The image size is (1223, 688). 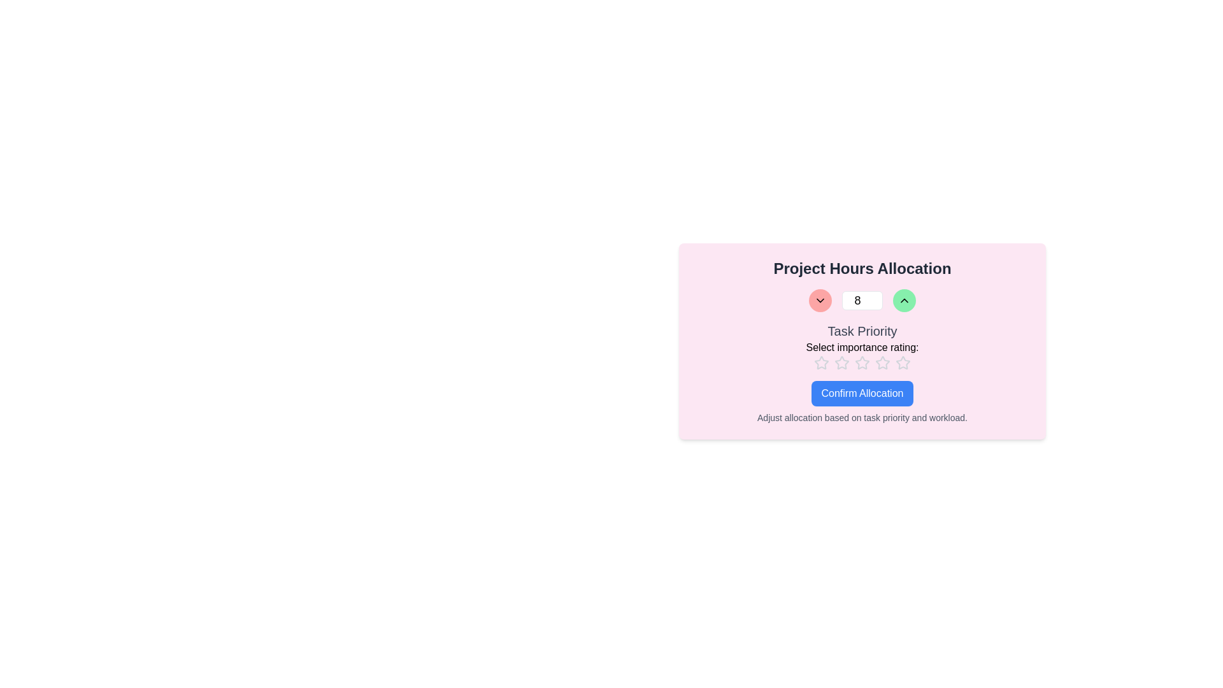 I want to click on the confirmation button for task allocation adjustments located in the pink card beneath the 'Task Priority' rating area, so click(x=862, y=403).